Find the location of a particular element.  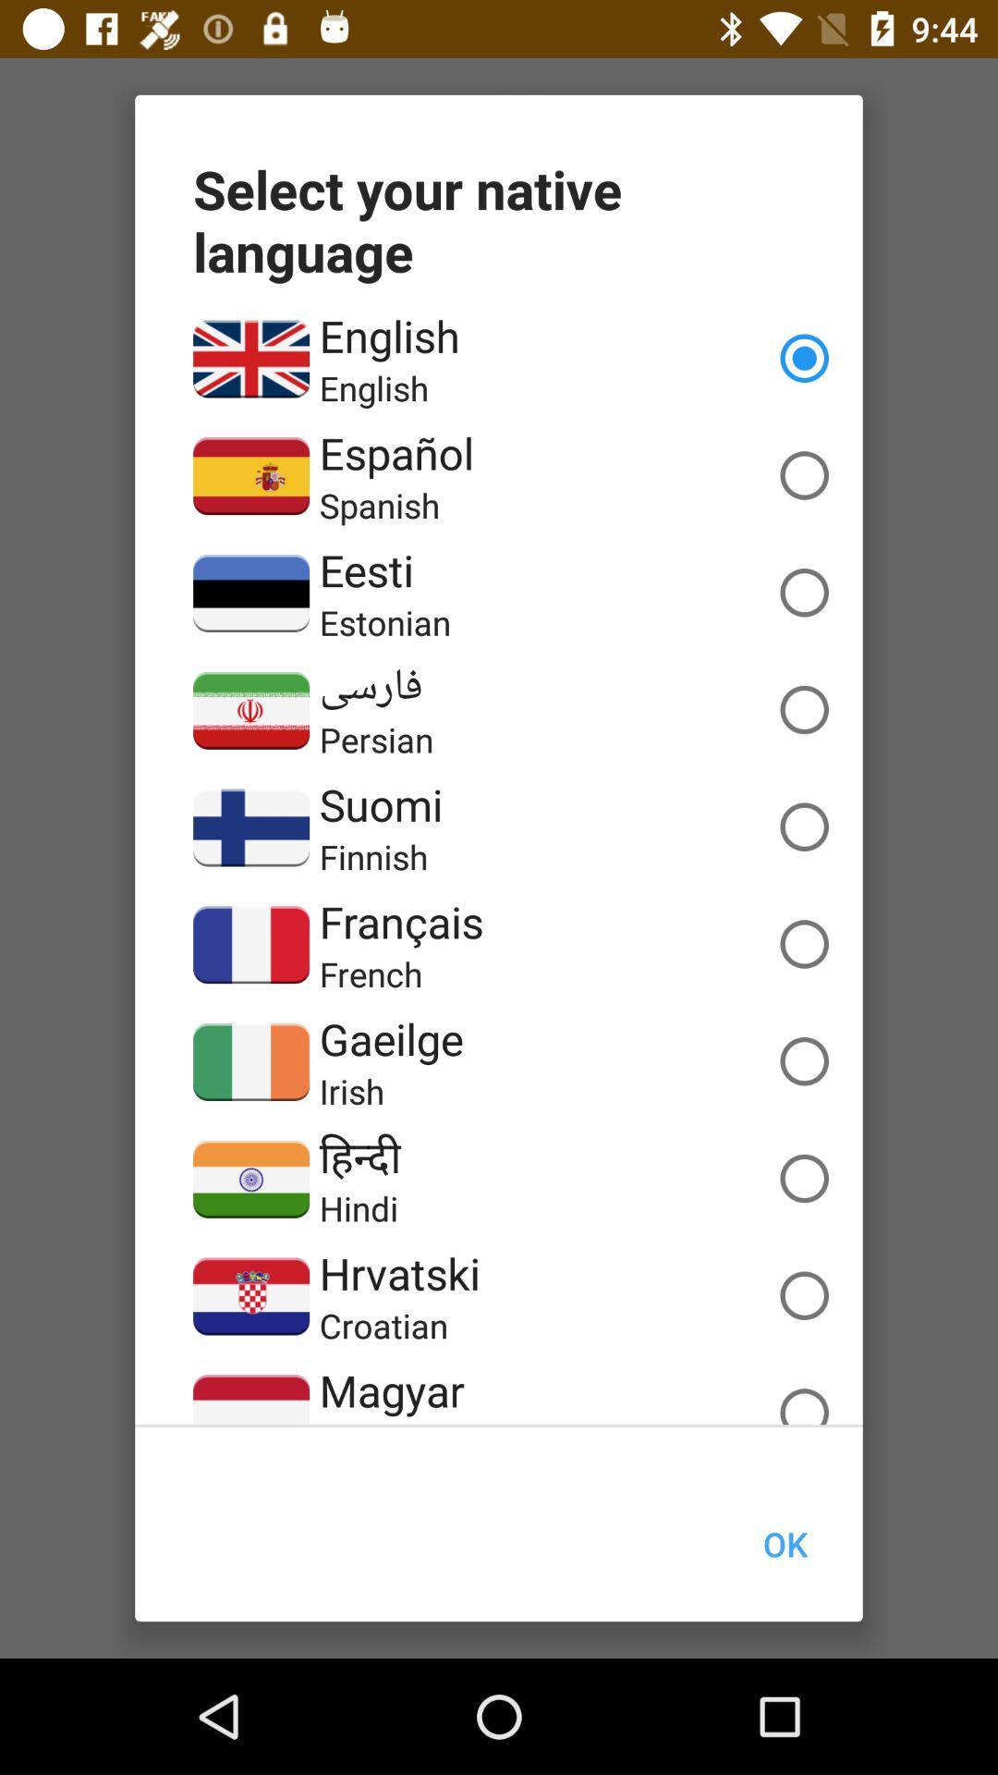

the estonian icon is located at coordinates (383, 622).